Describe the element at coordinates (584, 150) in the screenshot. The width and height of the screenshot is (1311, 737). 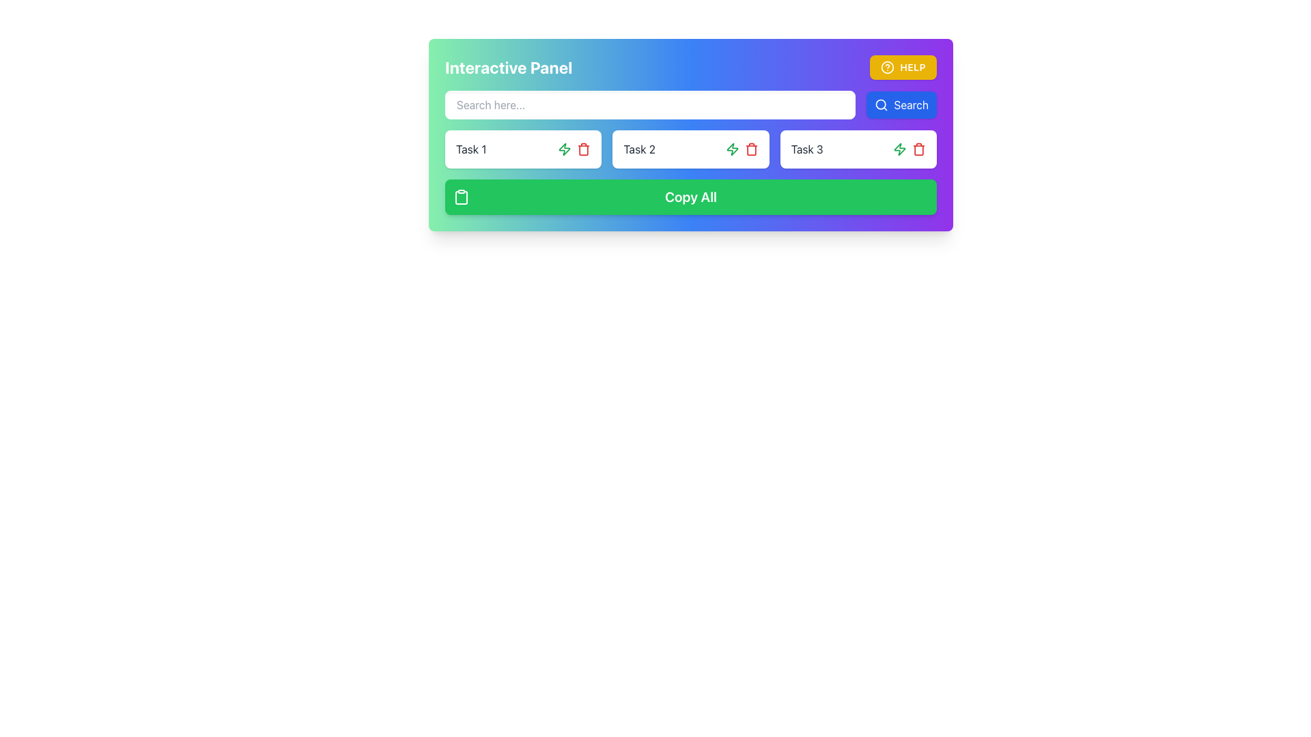
I see `the red trash bin icon, which signifies deletion functionality, located adjacent to Task 2 in the Interactive Panel` at that location.